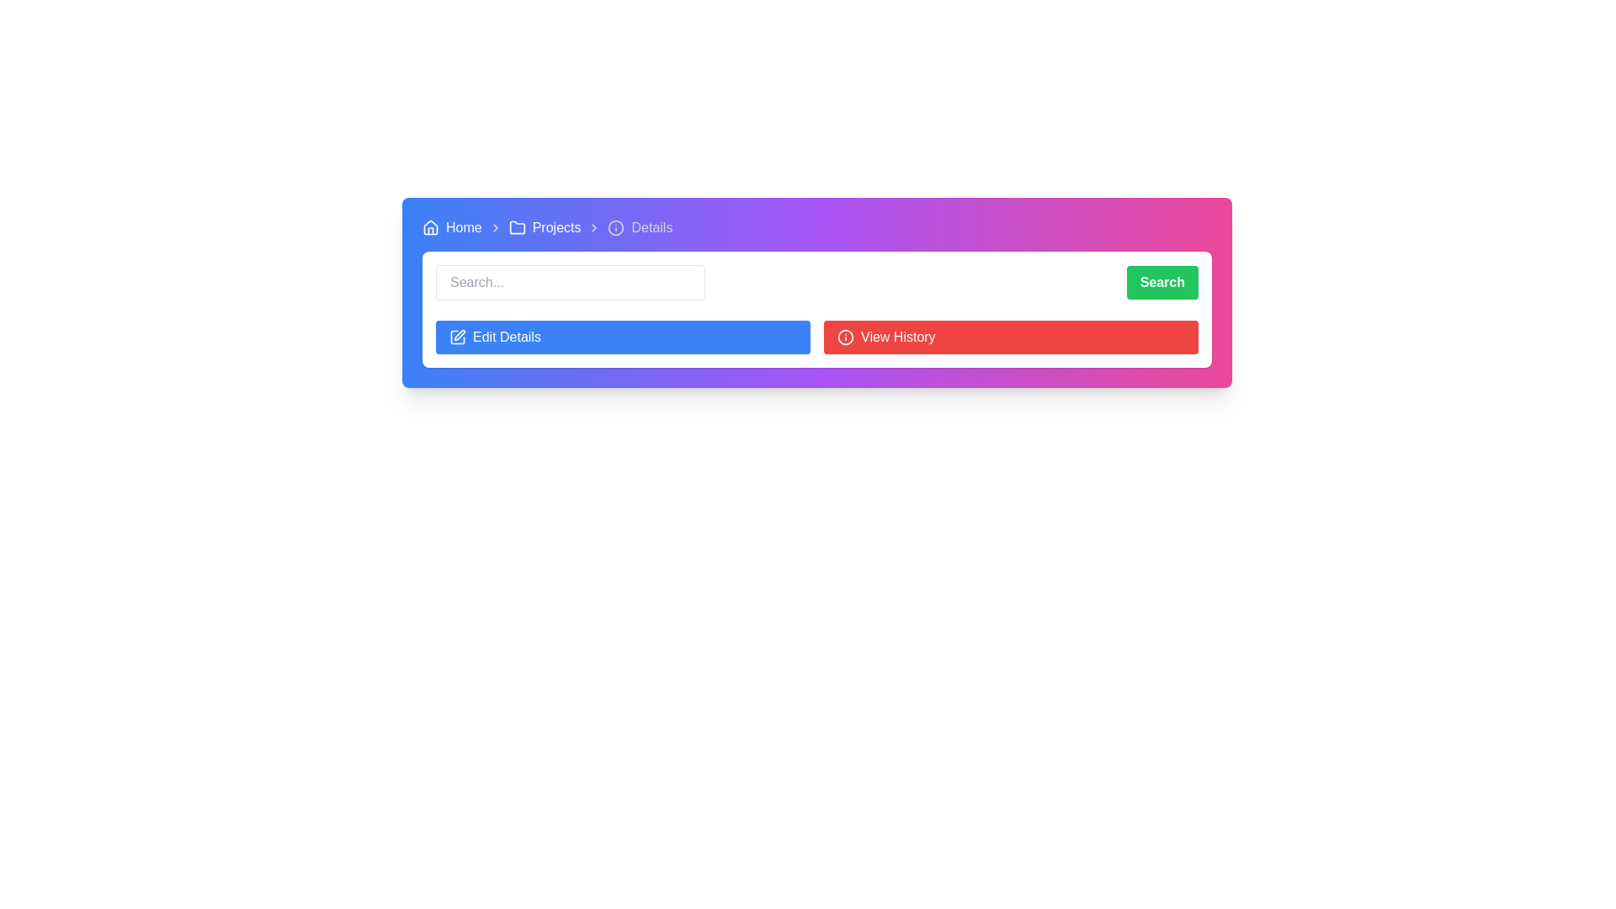  What do you see at coordinates (431, 227) in the screenshot?
I see `the house-shaped home icon with a blue background and white lines, located at the leftmost side of the breadcrumb navigation section` at bounding box center [431, 227].